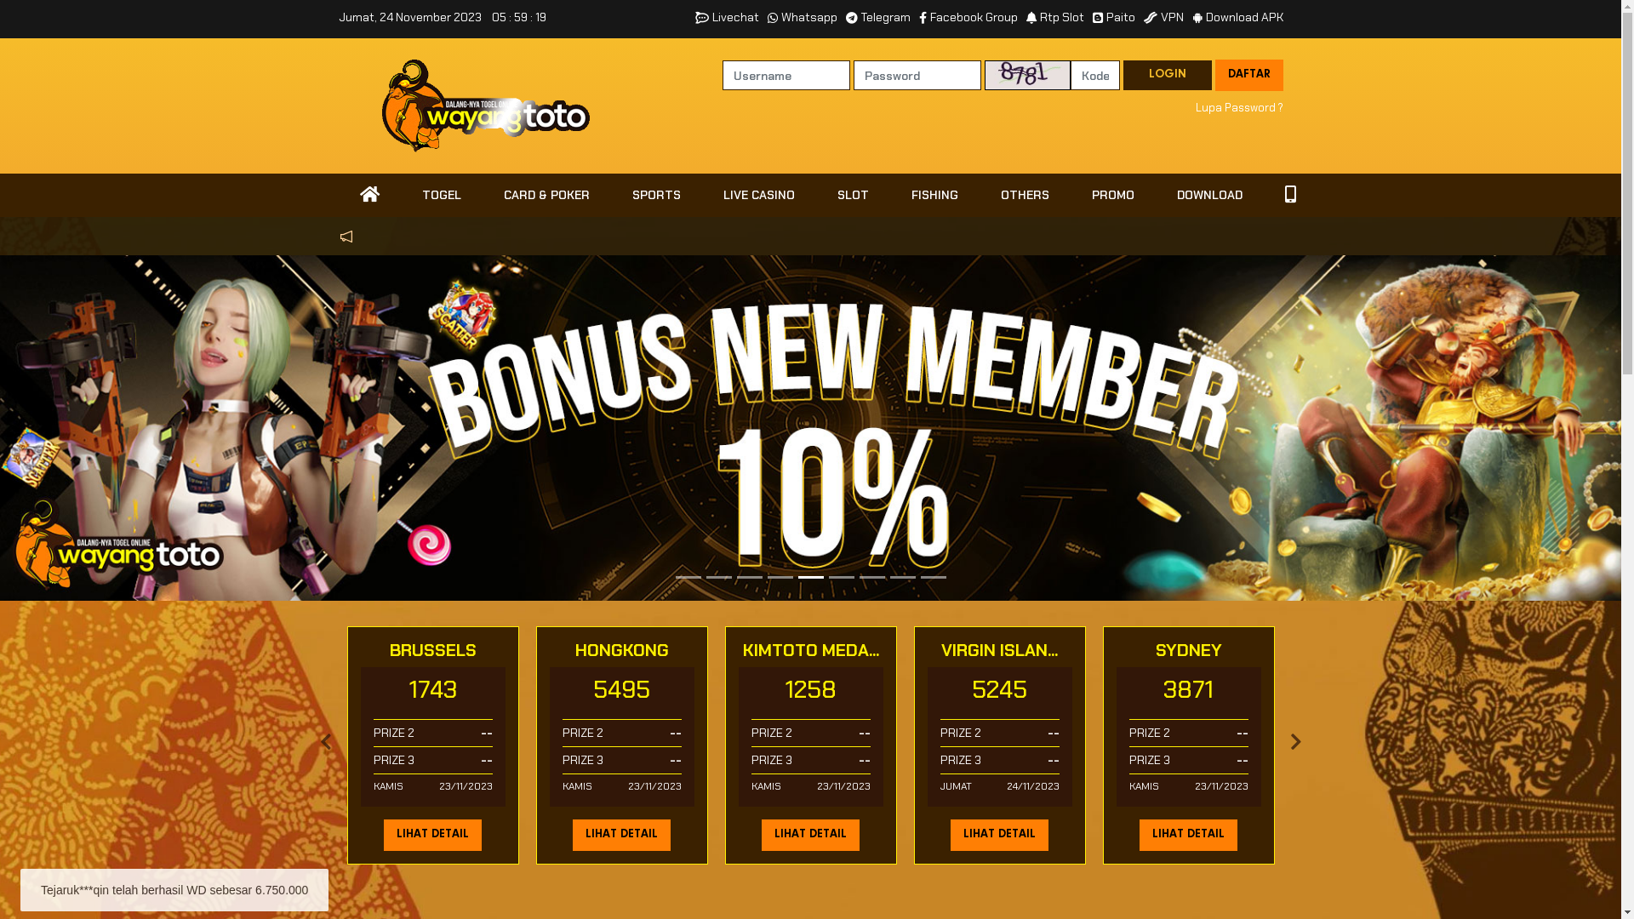 The height and width of the screenshot is (919, 1634). Describe the element at coordinates (1112, 194) in the screenshot. I see `'PROMO'` at that location.